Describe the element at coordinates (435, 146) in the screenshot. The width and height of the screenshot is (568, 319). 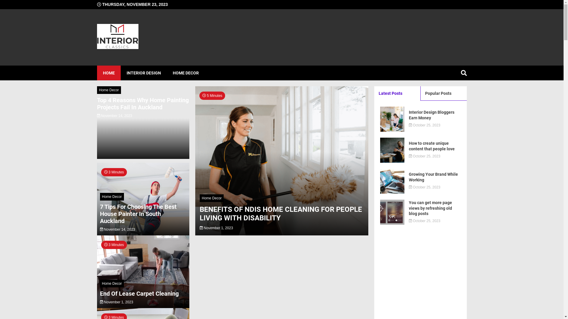
I see `'How to create unique content that people love'` at that location.